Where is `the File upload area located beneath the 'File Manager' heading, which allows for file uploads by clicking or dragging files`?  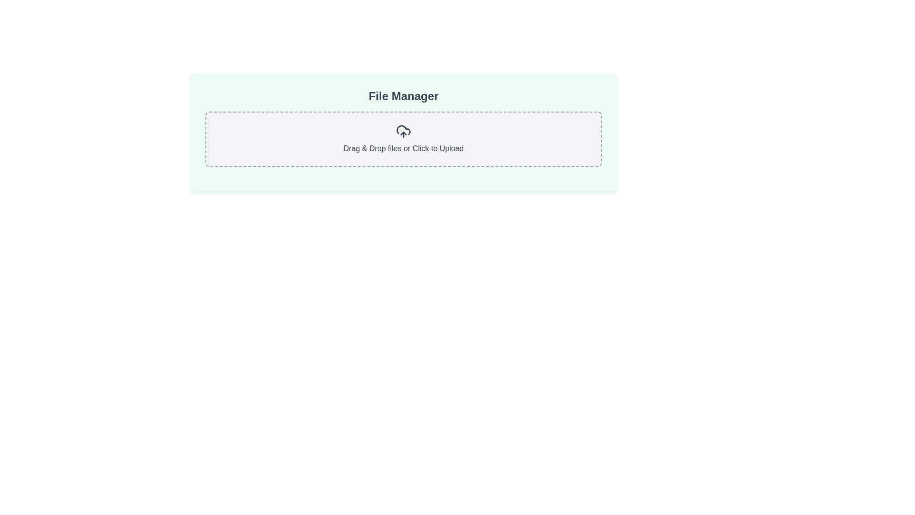
the File upload area located beneath the 'File Manager' heading, which allows for file uploads by clicking or dragging files is located at coordinates (403, 139).